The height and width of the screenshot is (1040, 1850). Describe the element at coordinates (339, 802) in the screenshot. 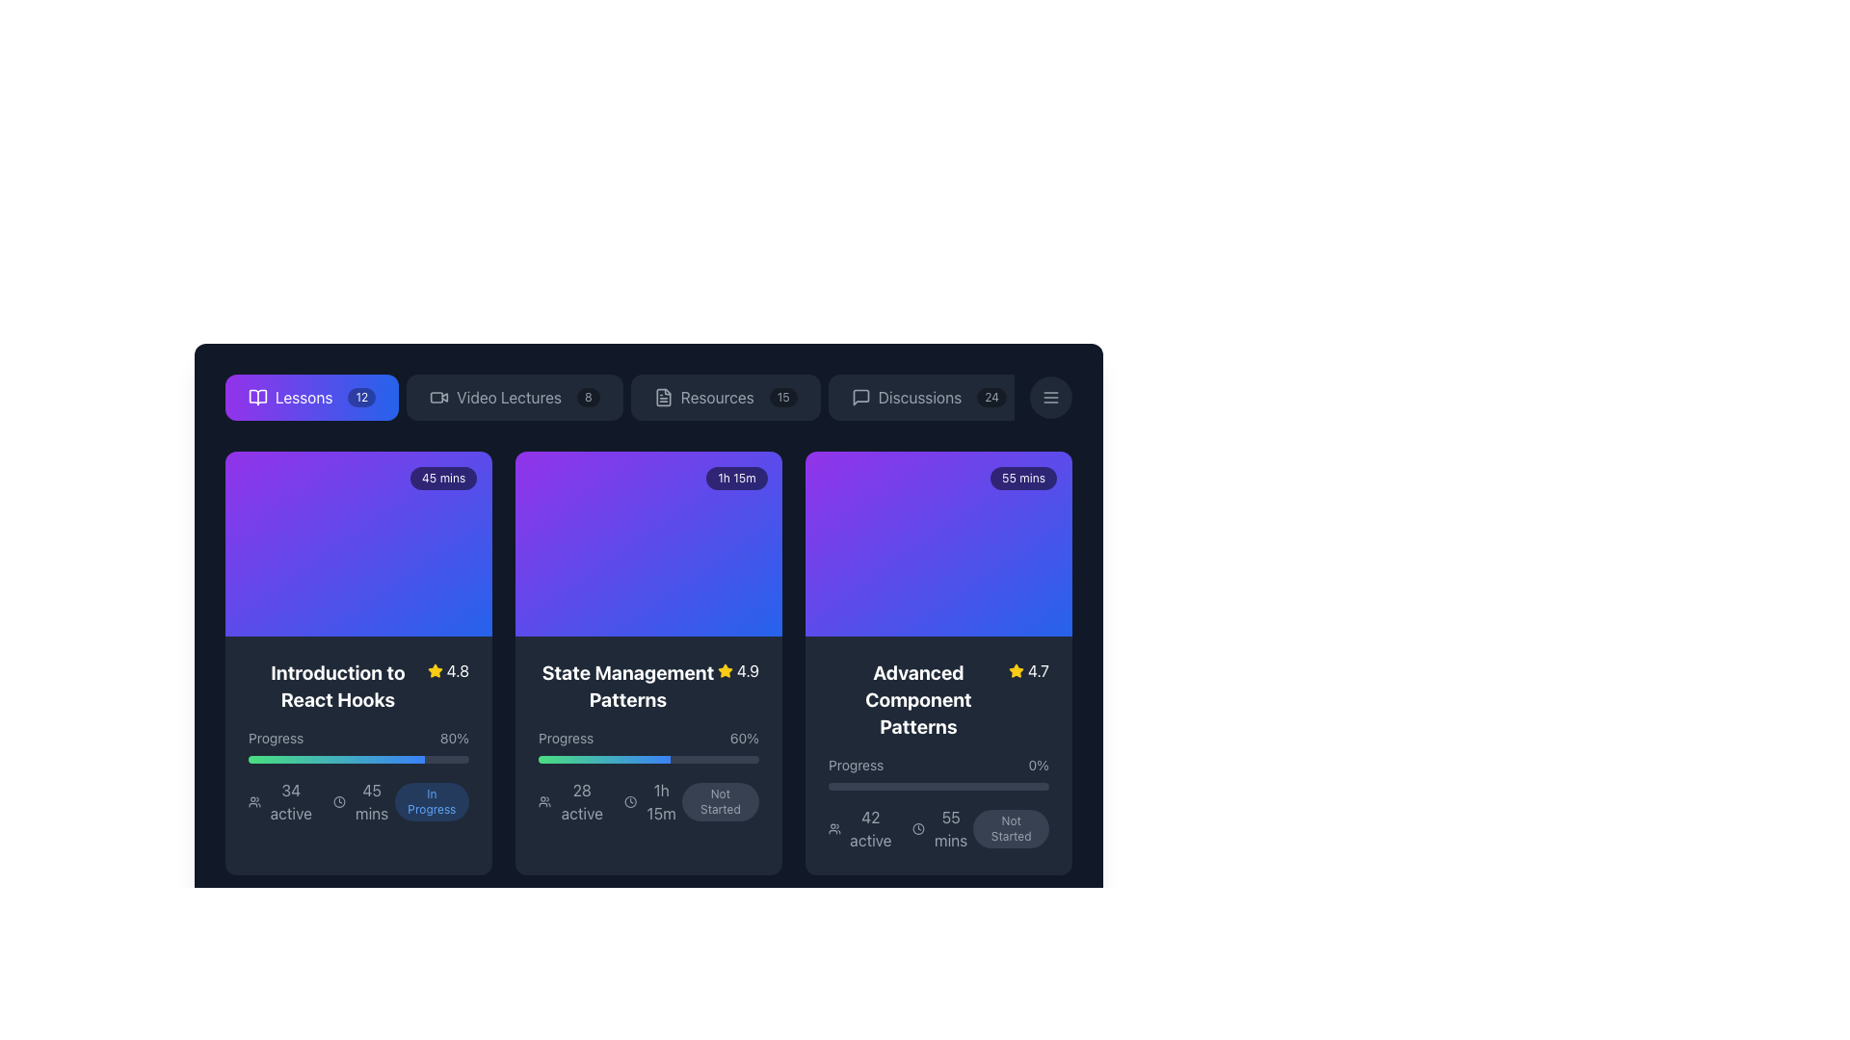

I see `the clock icon located before the '45 mins' text within the 'Introduction to React Hooks' card for information` at that location.